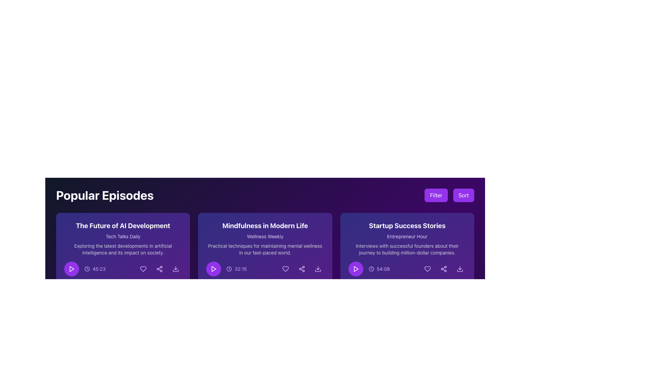  What do you see at coordinates (95, 268) in the screenshot?
I see `the text with the time duration '45:23' and clock icon located in the bottom-left section of 'The Future of AI Development' panel` at bounding box center [95, 268].